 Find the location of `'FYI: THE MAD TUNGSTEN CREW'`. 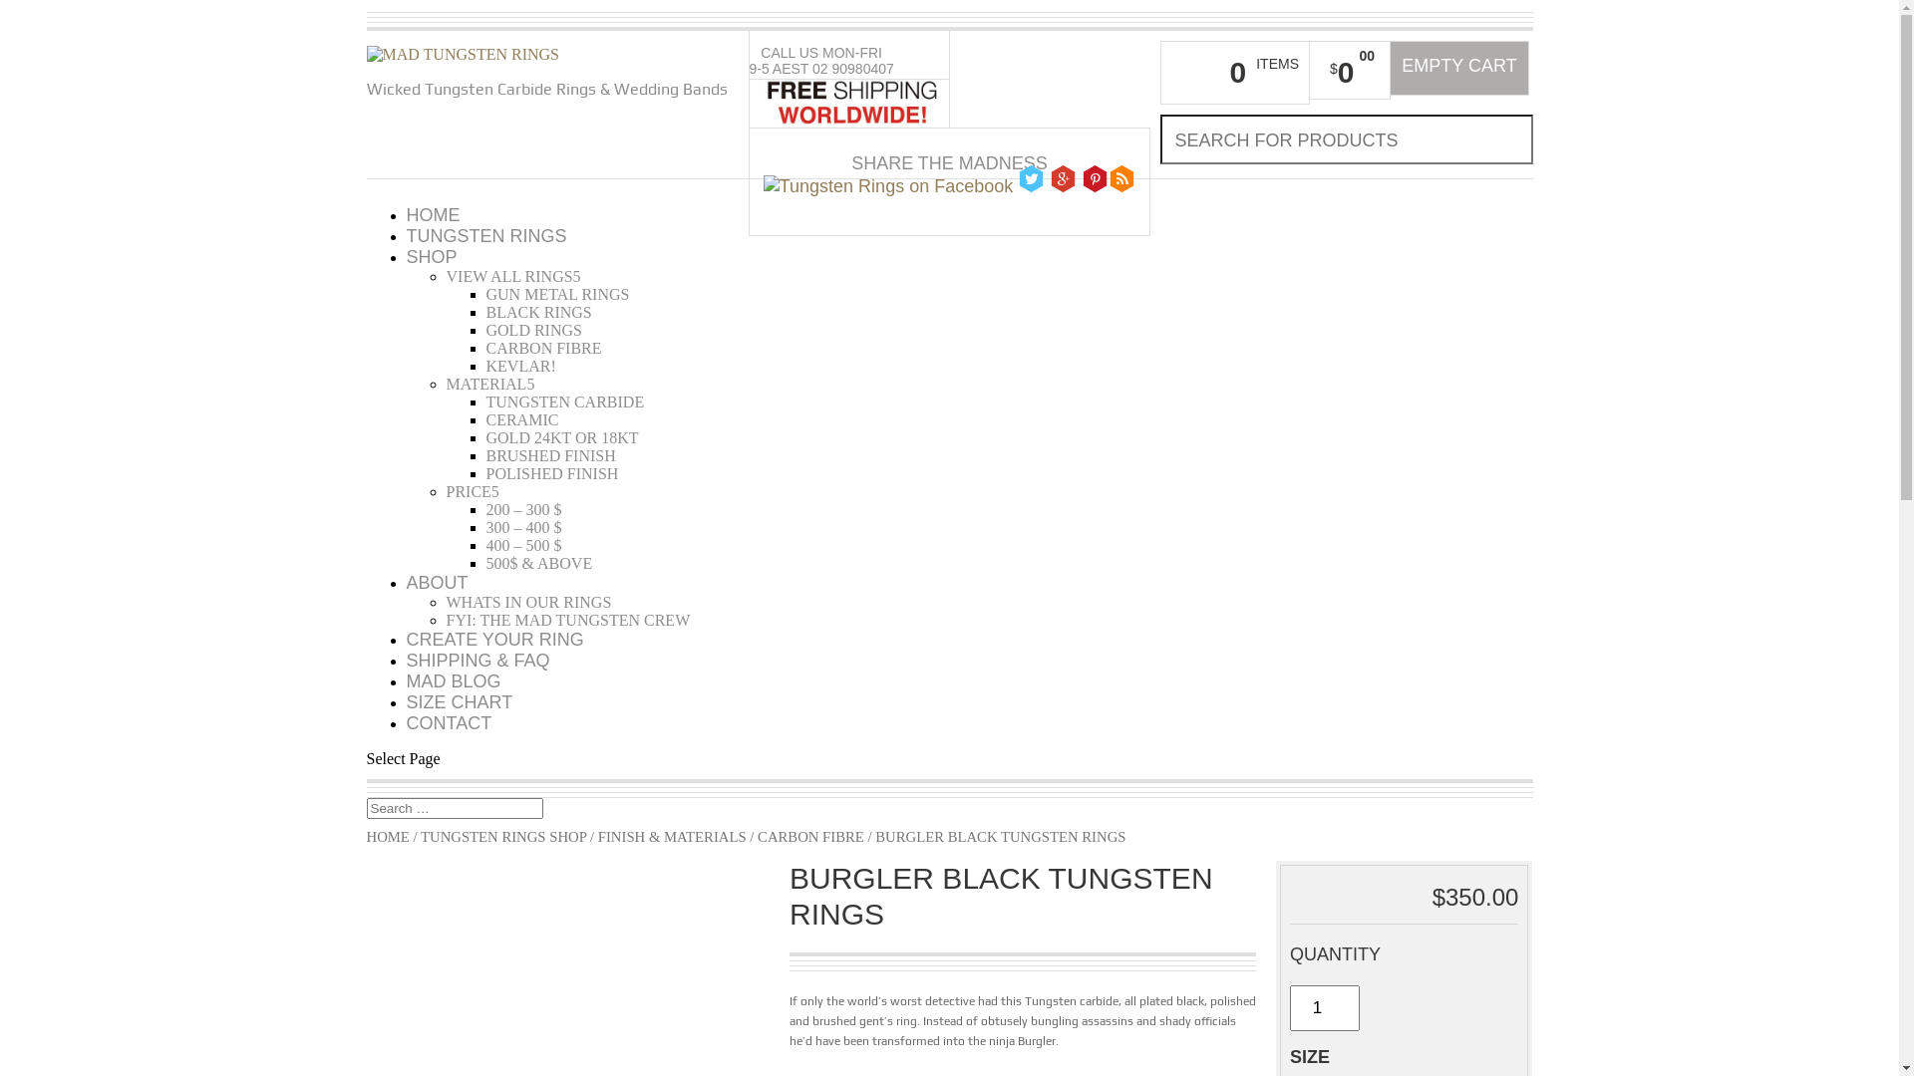

'FYI: THE MAD TUNGSTEN CREW' is located at coordinates (567, 619).